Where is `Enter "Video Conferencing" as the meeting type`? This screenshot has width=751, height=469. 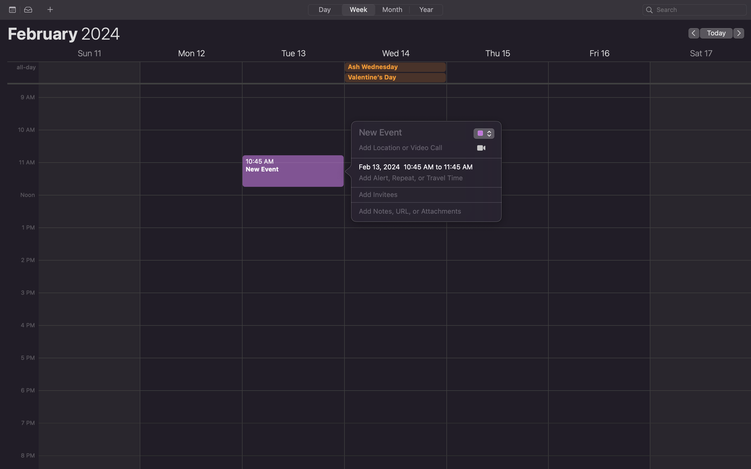 Enter "Video Conferencing" as the meeting type is located at coordinates (479, 134).